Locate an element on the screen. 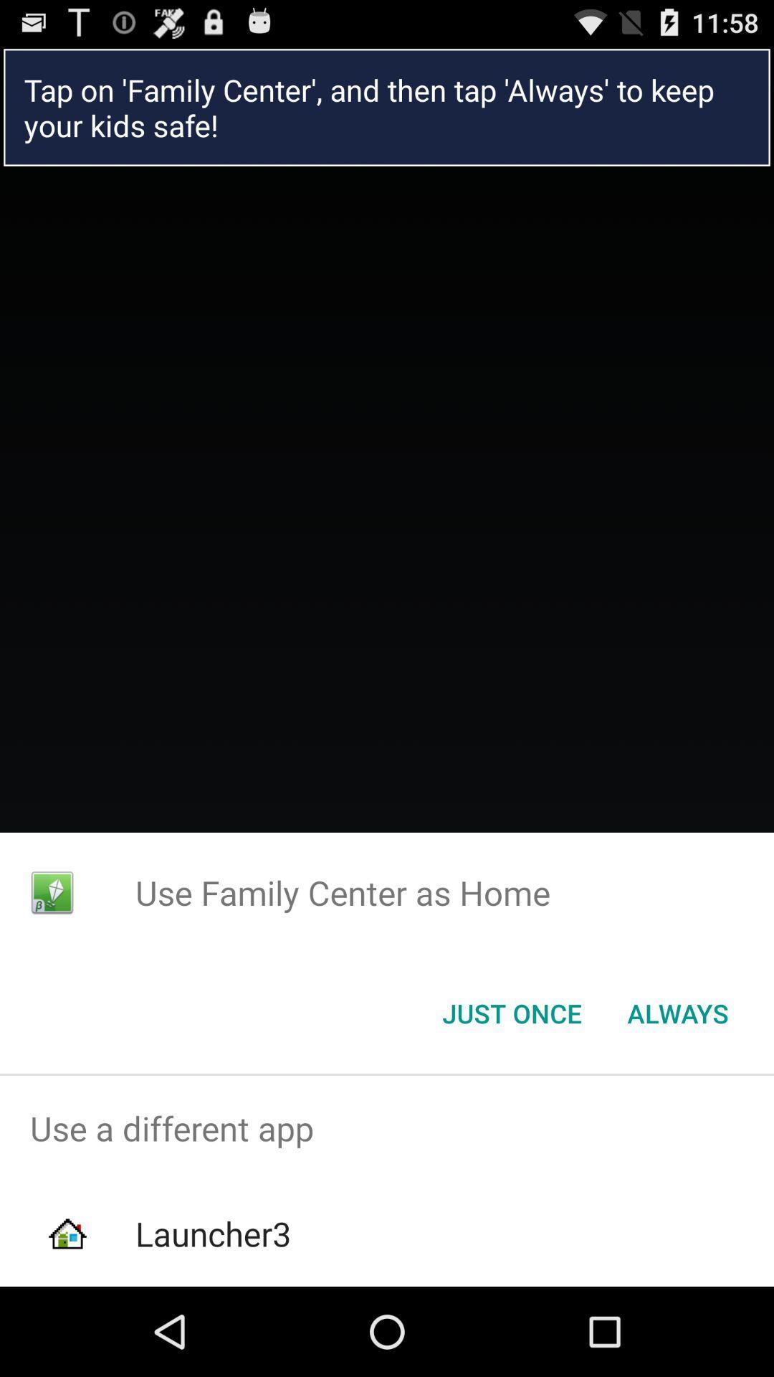 This screenshot has height=1377, width=774. launcher3 item is located at coordinates (213, 1233).